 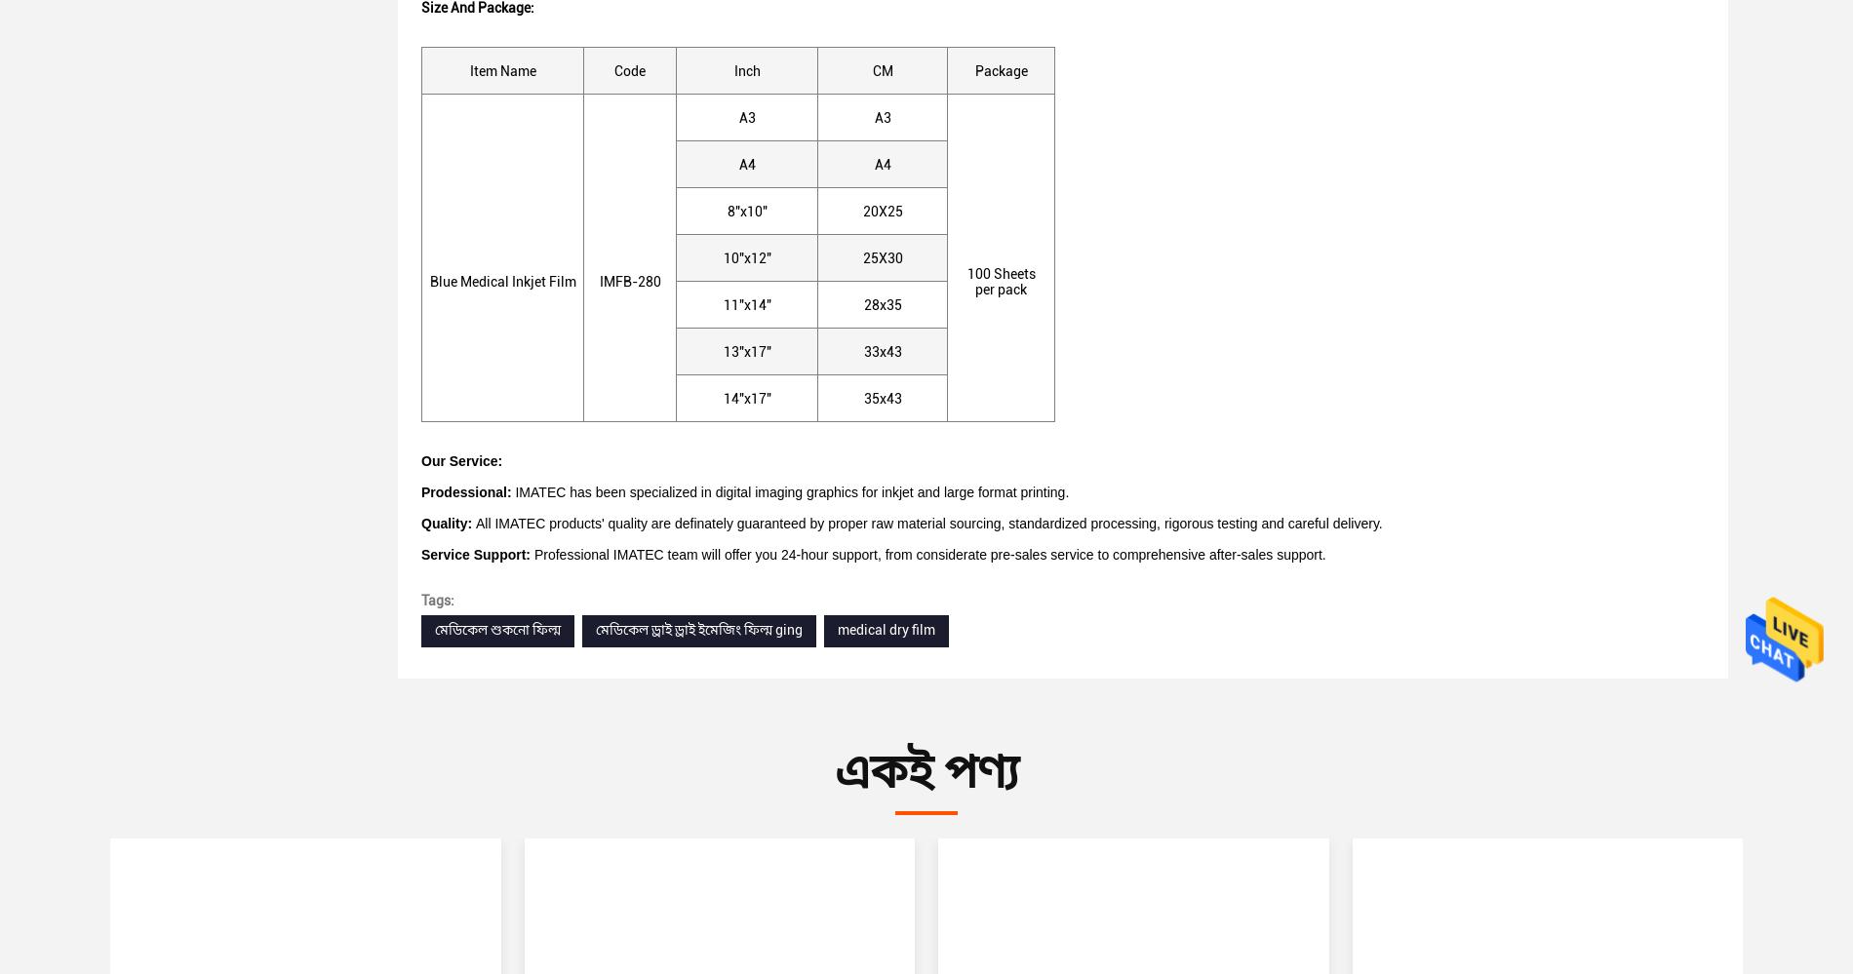 What do you see at coordinates (1001, 69) in the screenshot?
I see `'Package'` at bounding box center [1001, 69].